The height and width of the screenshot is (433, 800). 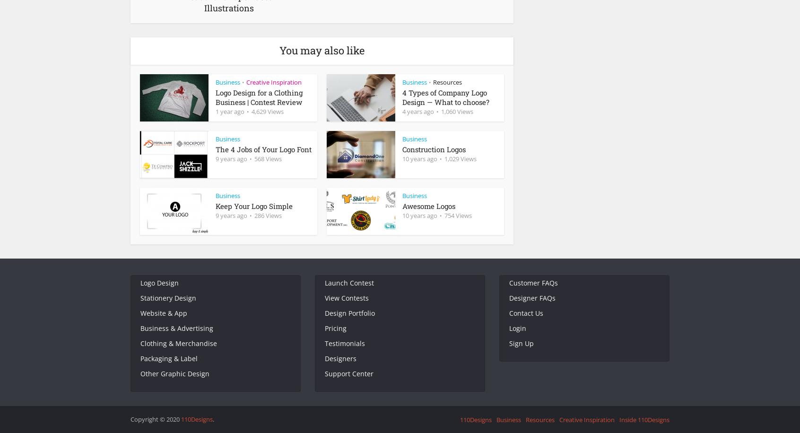 I want to click on '1,060 Views', so click(x=457, y=111).